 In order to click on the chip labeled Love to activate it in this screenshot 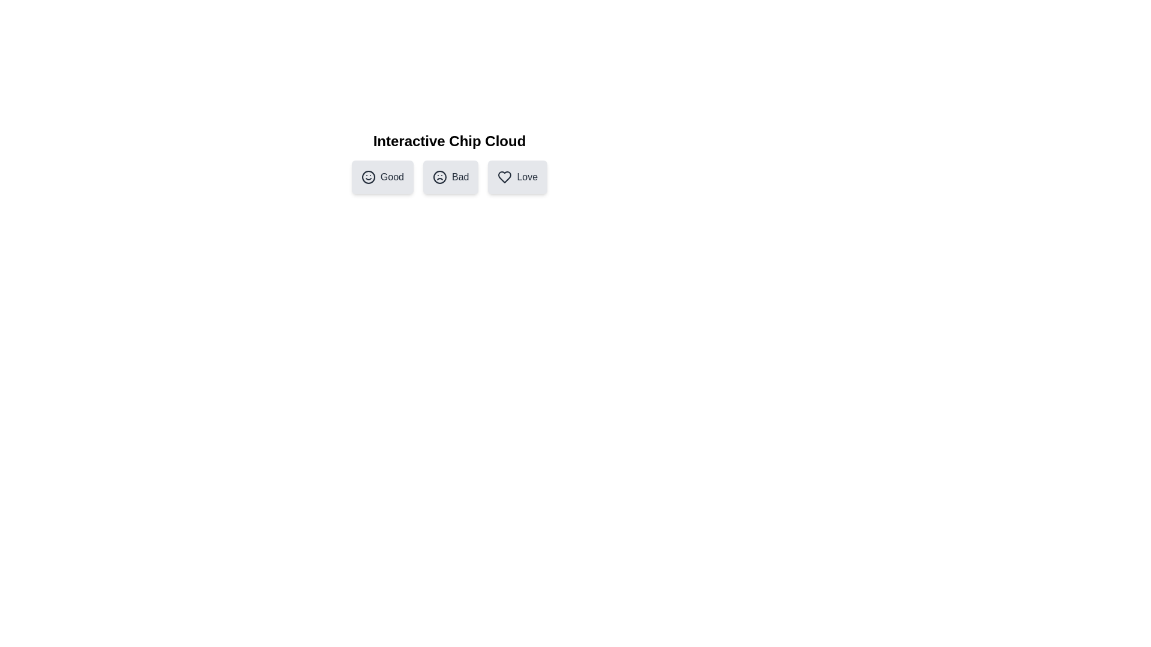, I will do `click(517, 177)`.